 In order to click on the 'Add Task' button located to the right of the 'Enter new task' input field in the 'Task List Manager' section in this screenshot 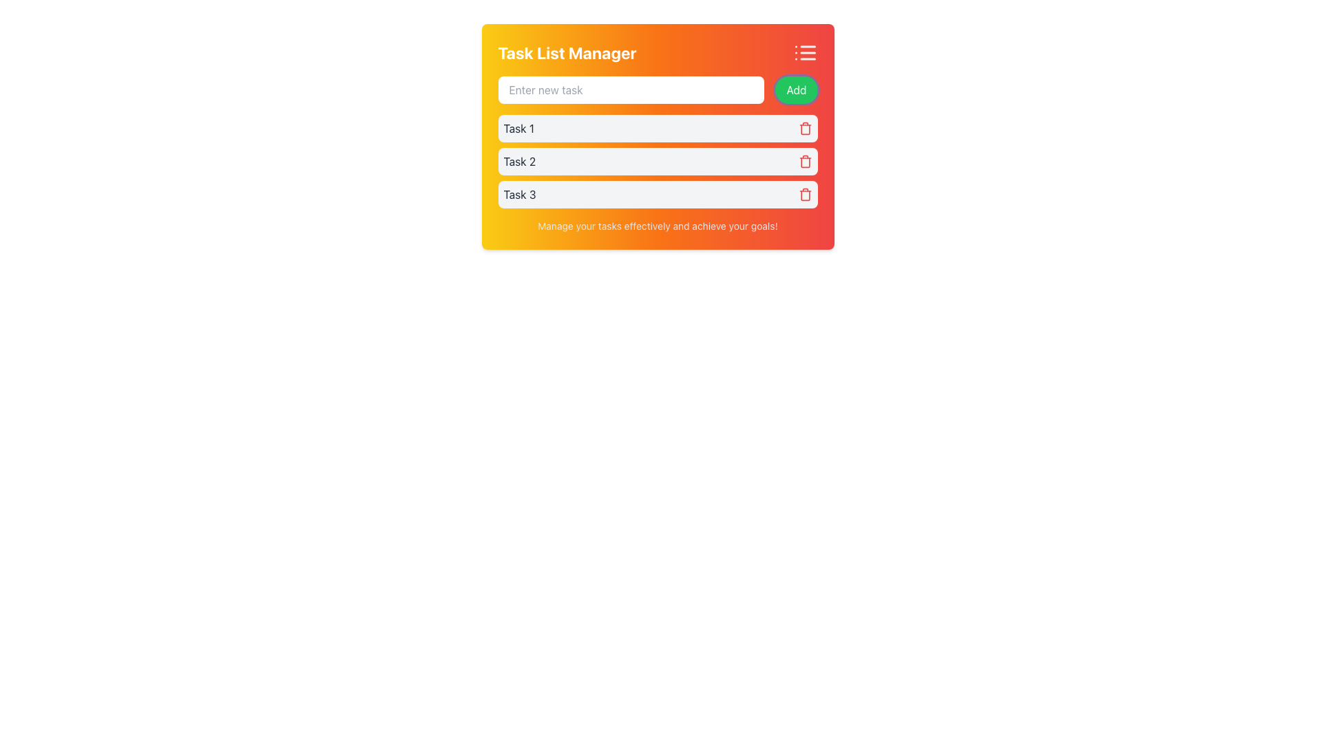, I will do `click(796, 90)`.